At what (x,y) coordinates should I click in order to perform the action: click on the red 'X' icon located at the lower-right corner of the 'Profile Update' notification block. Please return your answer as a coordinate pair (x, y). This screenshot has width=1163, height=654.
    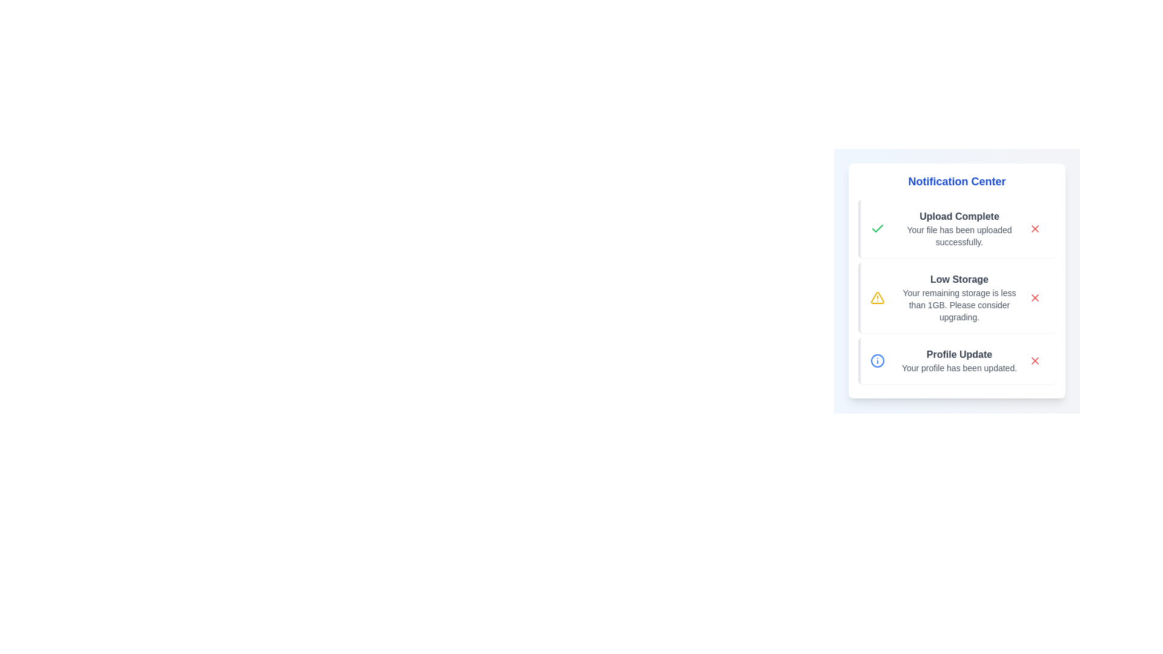
    Looking at the image, I should click on (1034, 360).